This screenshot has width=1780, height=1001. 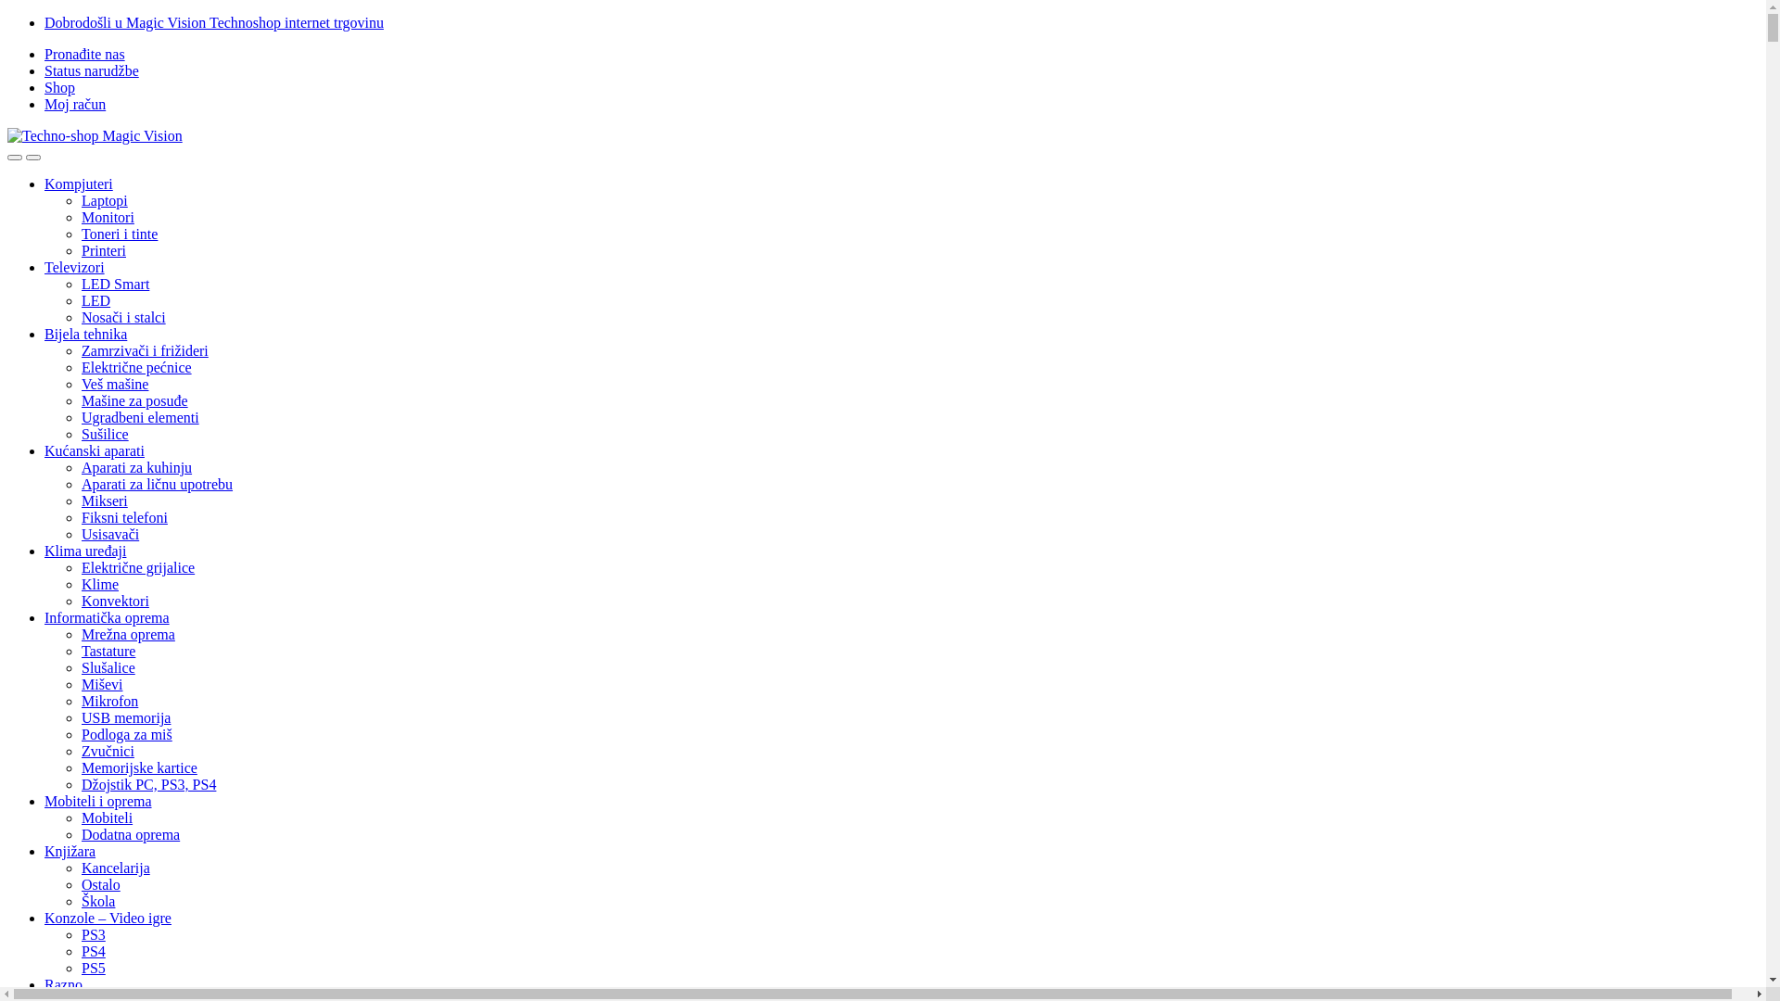 I want to click on 'Mikrofon', so click(x=108, y=701).